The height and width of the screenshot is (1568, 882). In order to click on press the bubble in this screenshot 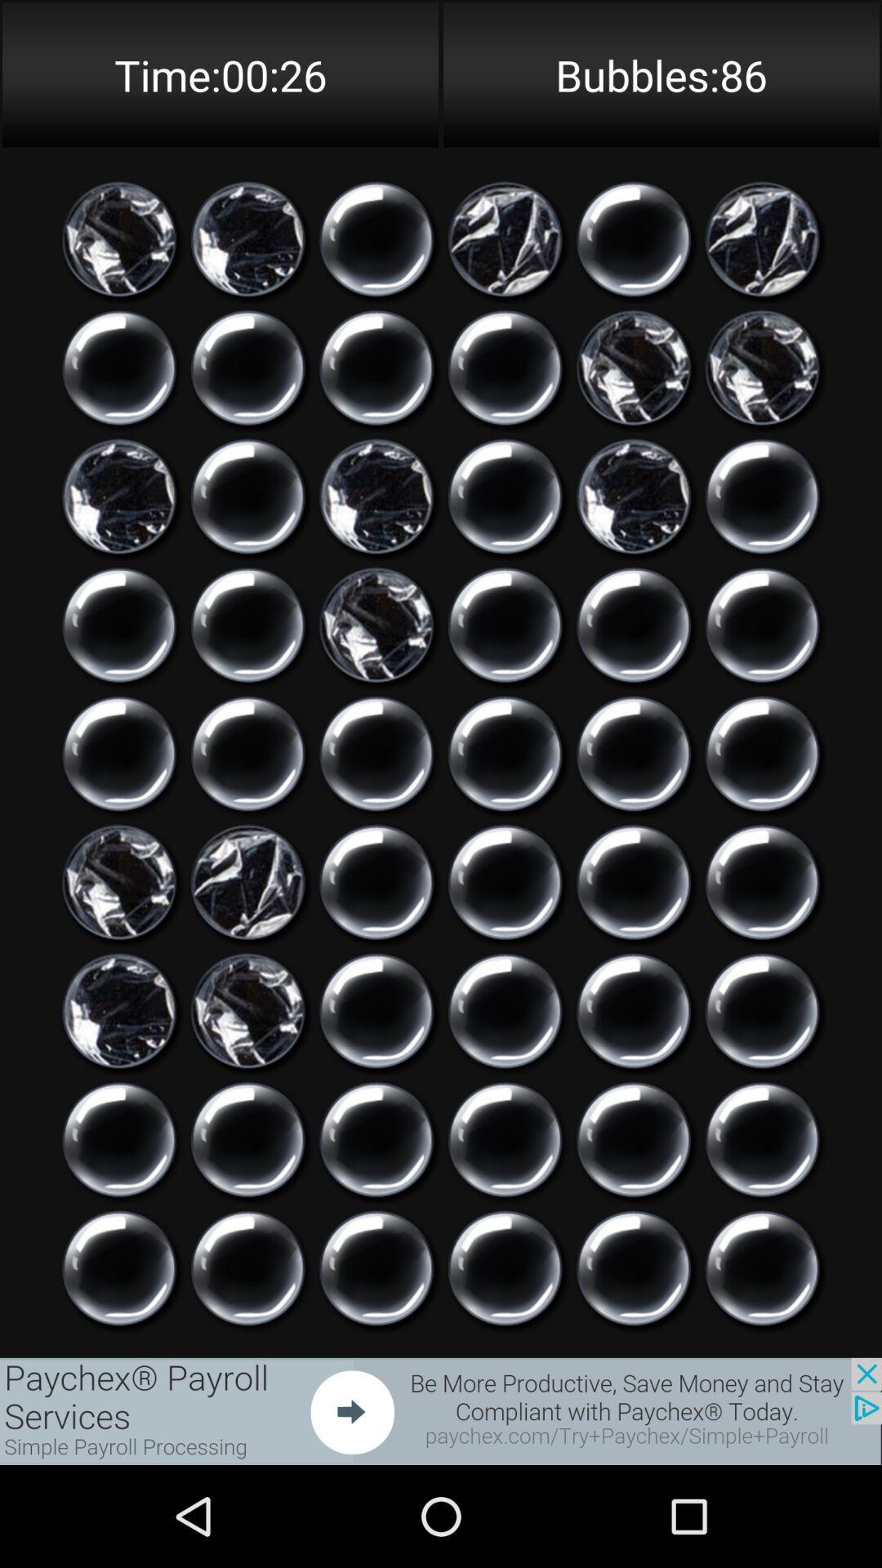, I will do `click(376, 238)`.